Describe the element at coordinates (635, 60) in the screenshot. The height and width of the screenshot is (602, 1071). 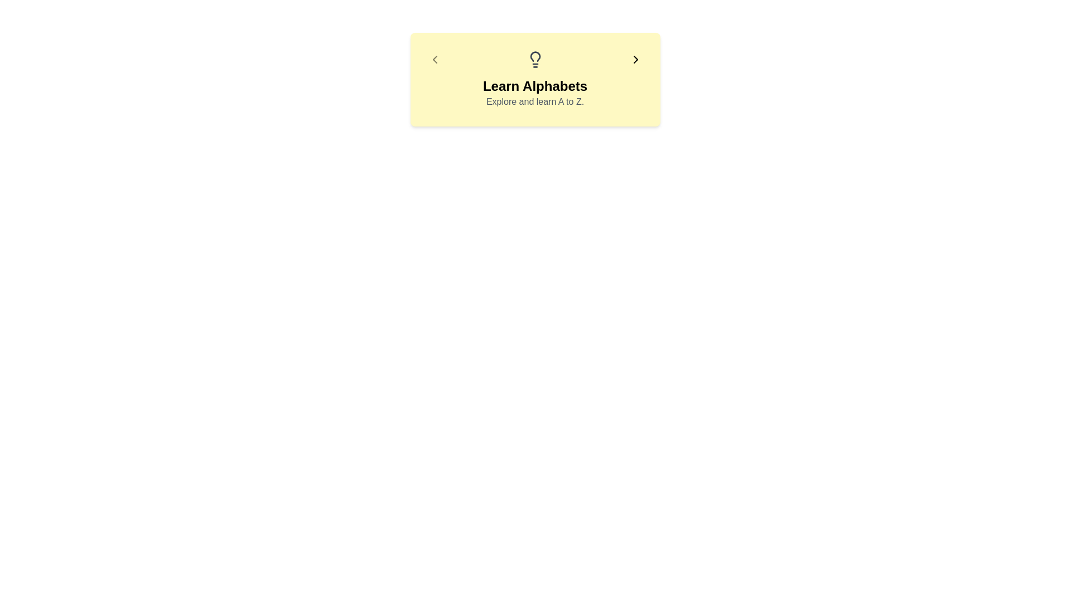
I see `the right arrow button to navigate to the next stage` at that location.